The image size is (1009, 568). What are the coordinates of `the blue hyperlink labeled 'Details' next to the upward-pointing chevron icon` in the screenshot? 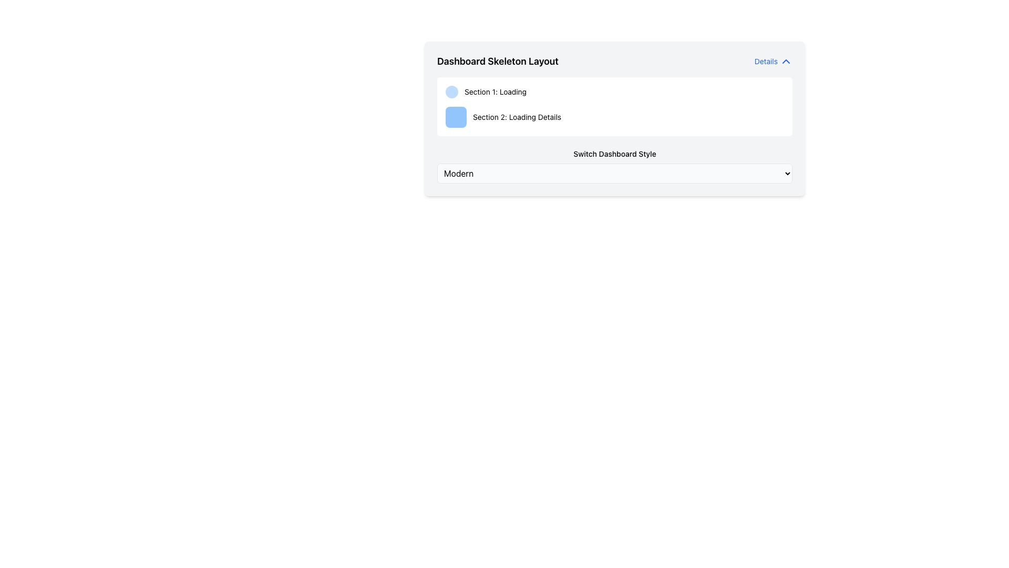 It's located at (773, 61).